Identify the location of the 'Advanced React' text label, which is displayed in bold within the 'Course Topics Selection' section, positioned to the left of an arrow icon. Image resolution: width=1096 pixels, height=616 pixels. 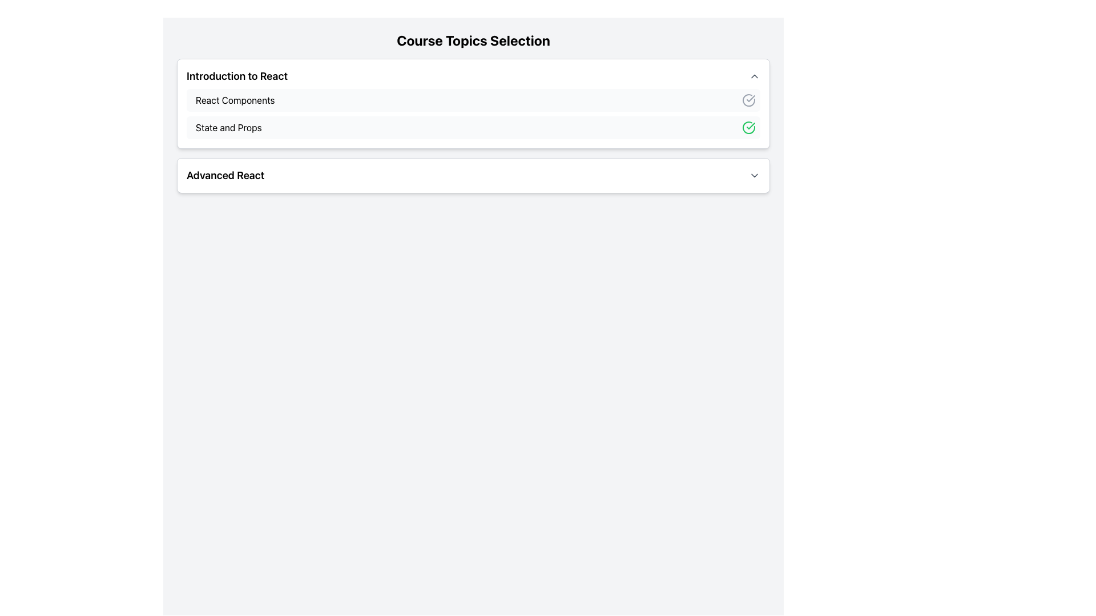
(225, 176).